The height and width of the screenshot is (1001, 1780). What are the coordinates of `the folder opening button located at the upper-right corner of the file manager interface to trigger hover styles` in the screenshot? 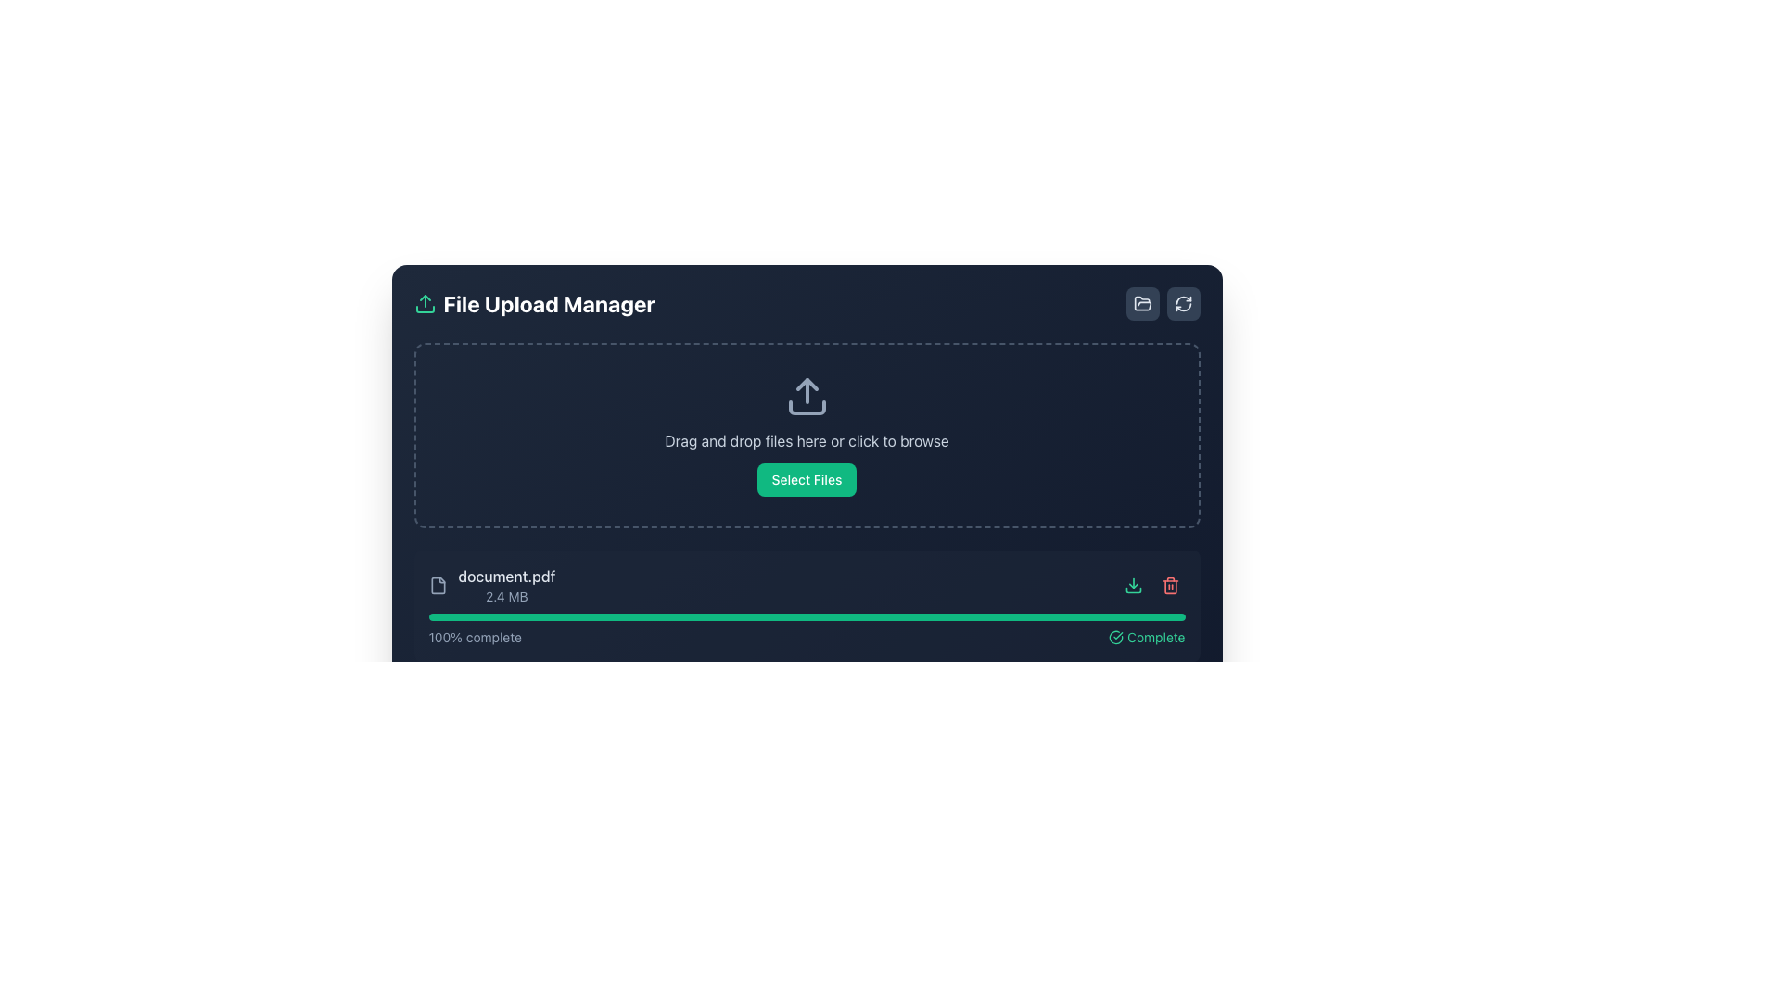 It's located at (1141, 302).